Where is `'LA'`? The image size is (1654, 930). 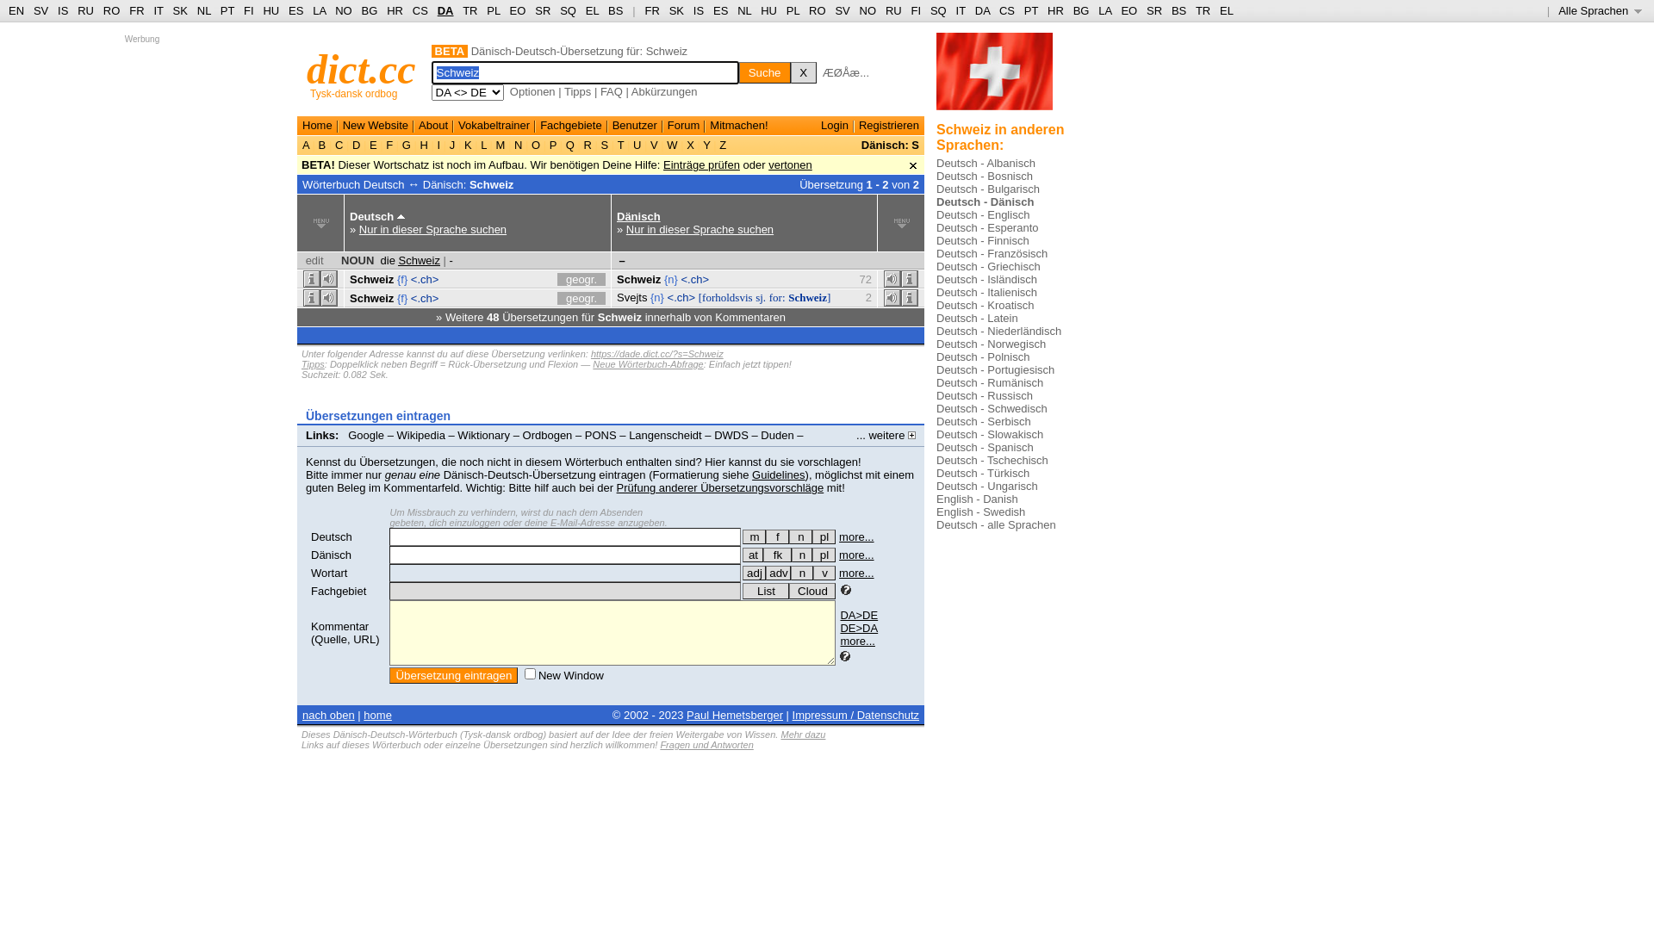
'LA' is located at coordinates (1104, 10).